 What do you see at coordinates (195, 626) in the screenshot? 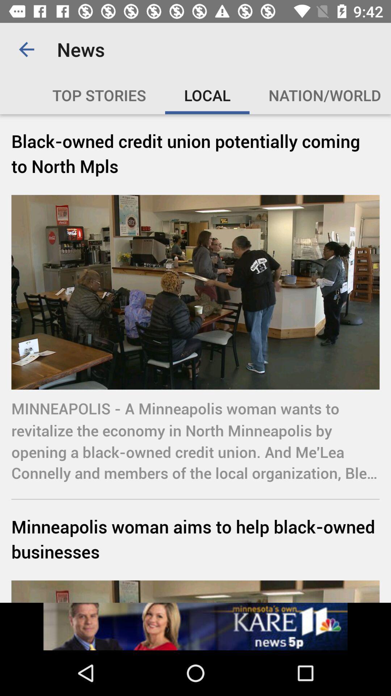
I see `advertisement` at bounding box center [195, 626].